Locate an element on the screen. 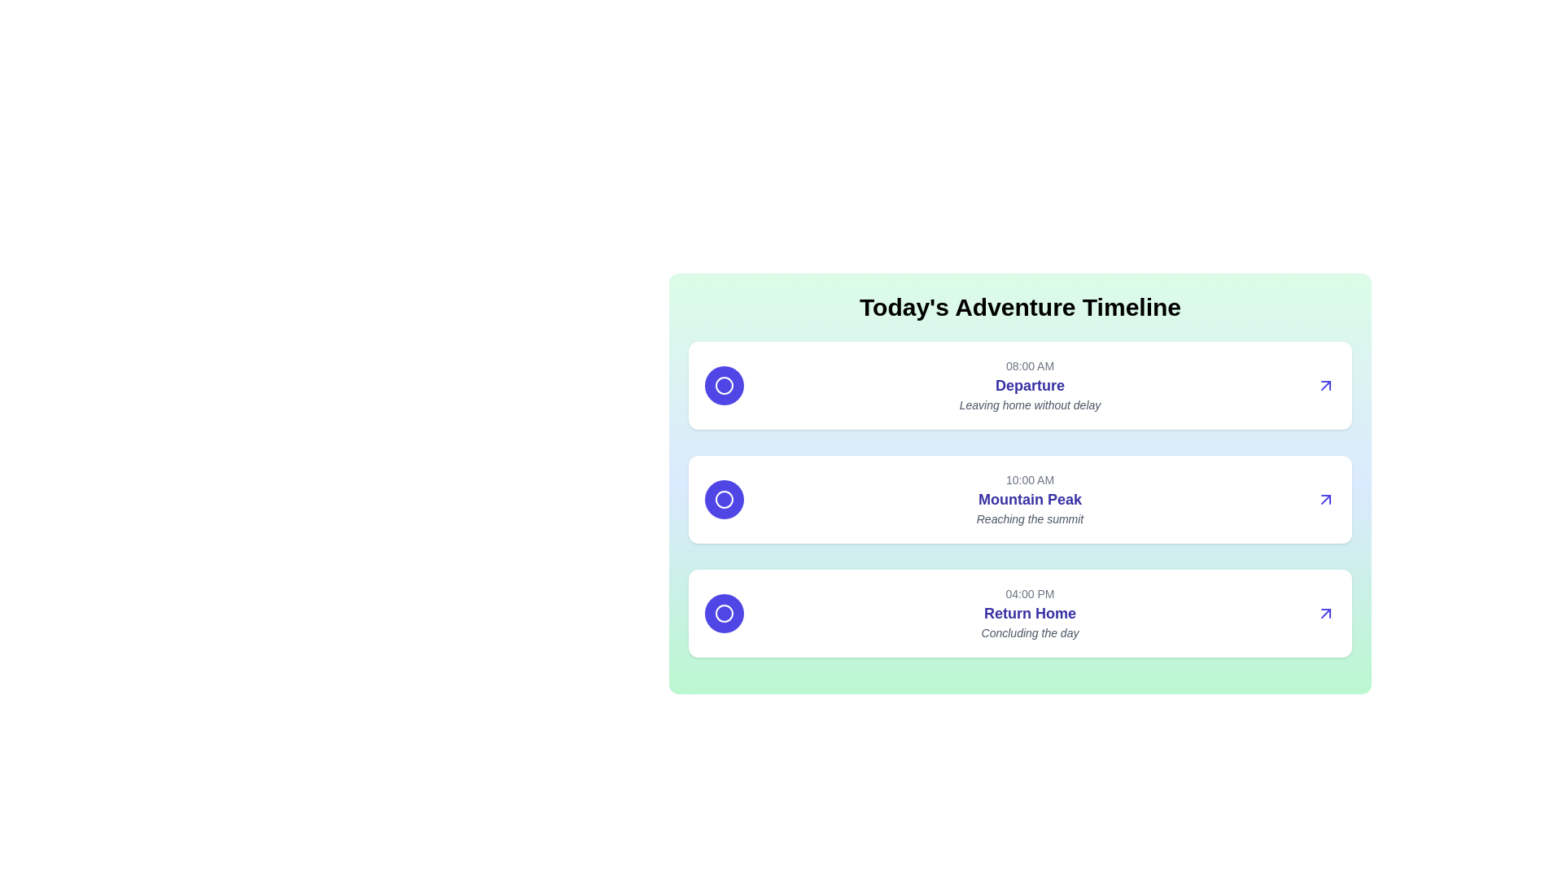 This screenshot has width=1563, height=879. the circular SVG-based vector graphic icon with a white stroke and hollow center, located as the leftmost icon in the topmost section of the timeline list is located at coordinates (723, 386).